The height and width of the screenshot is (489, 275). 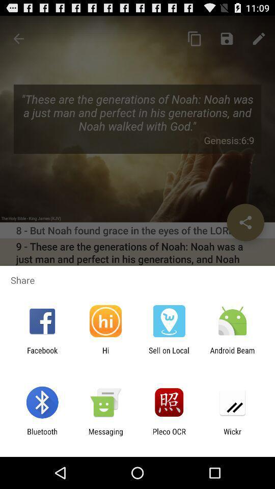 I want to click on app next to hi icon, so click(x=42, y=355).